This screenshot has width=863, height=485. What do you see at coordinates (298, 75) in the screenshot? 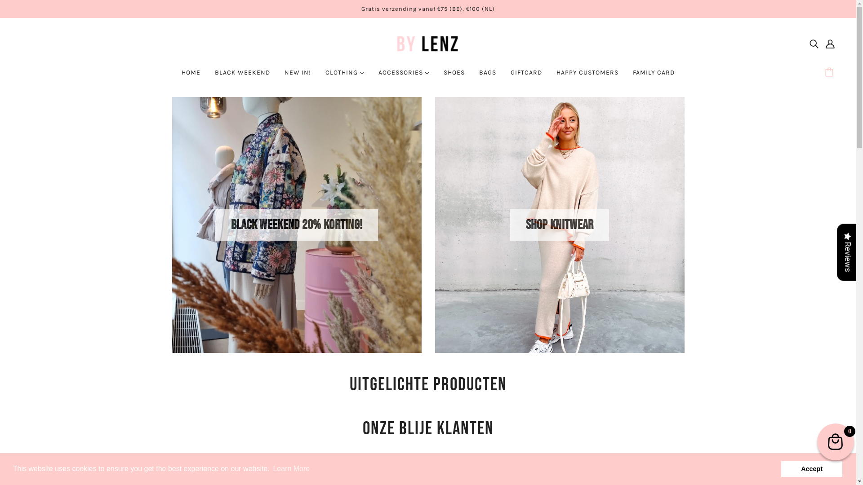
I see `'NEW IN!'` at bounding box center [298, 75].